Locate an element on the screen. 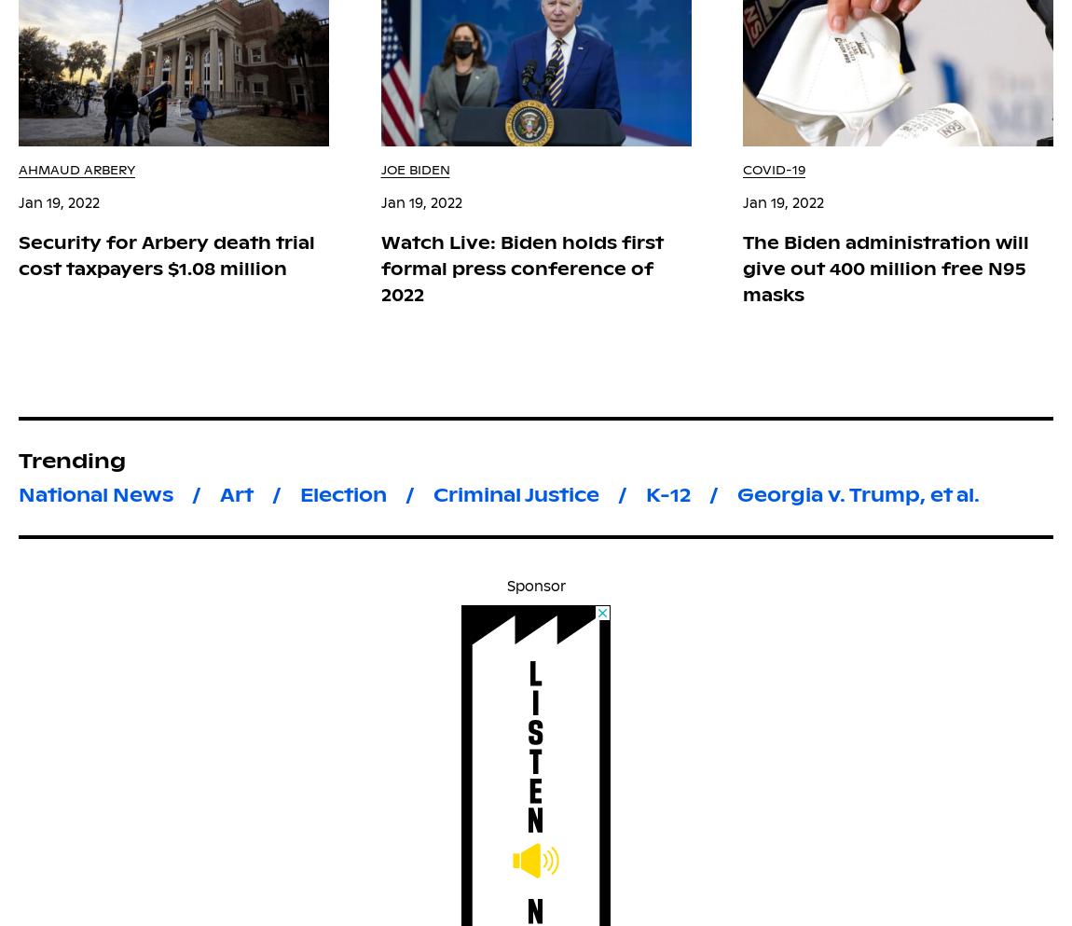 This screenshot has height=926, width=1072. 'Ahmaud Arbery' is located at coordinates (76, 169).